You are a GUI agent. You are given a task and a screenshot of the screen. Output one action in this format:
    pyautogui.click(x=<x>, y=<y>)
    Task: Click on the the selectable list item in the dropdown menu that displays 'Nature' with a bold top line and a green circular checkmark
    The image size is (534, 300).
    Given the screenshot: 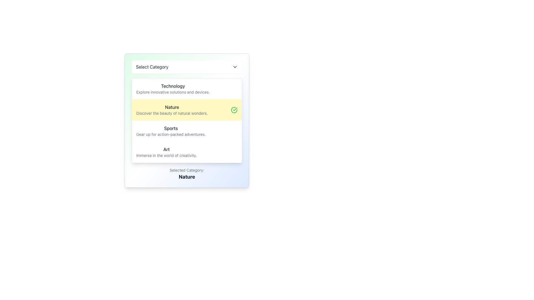 What is the action you would take?
    pyautogui.click(x=187, y=110)
    